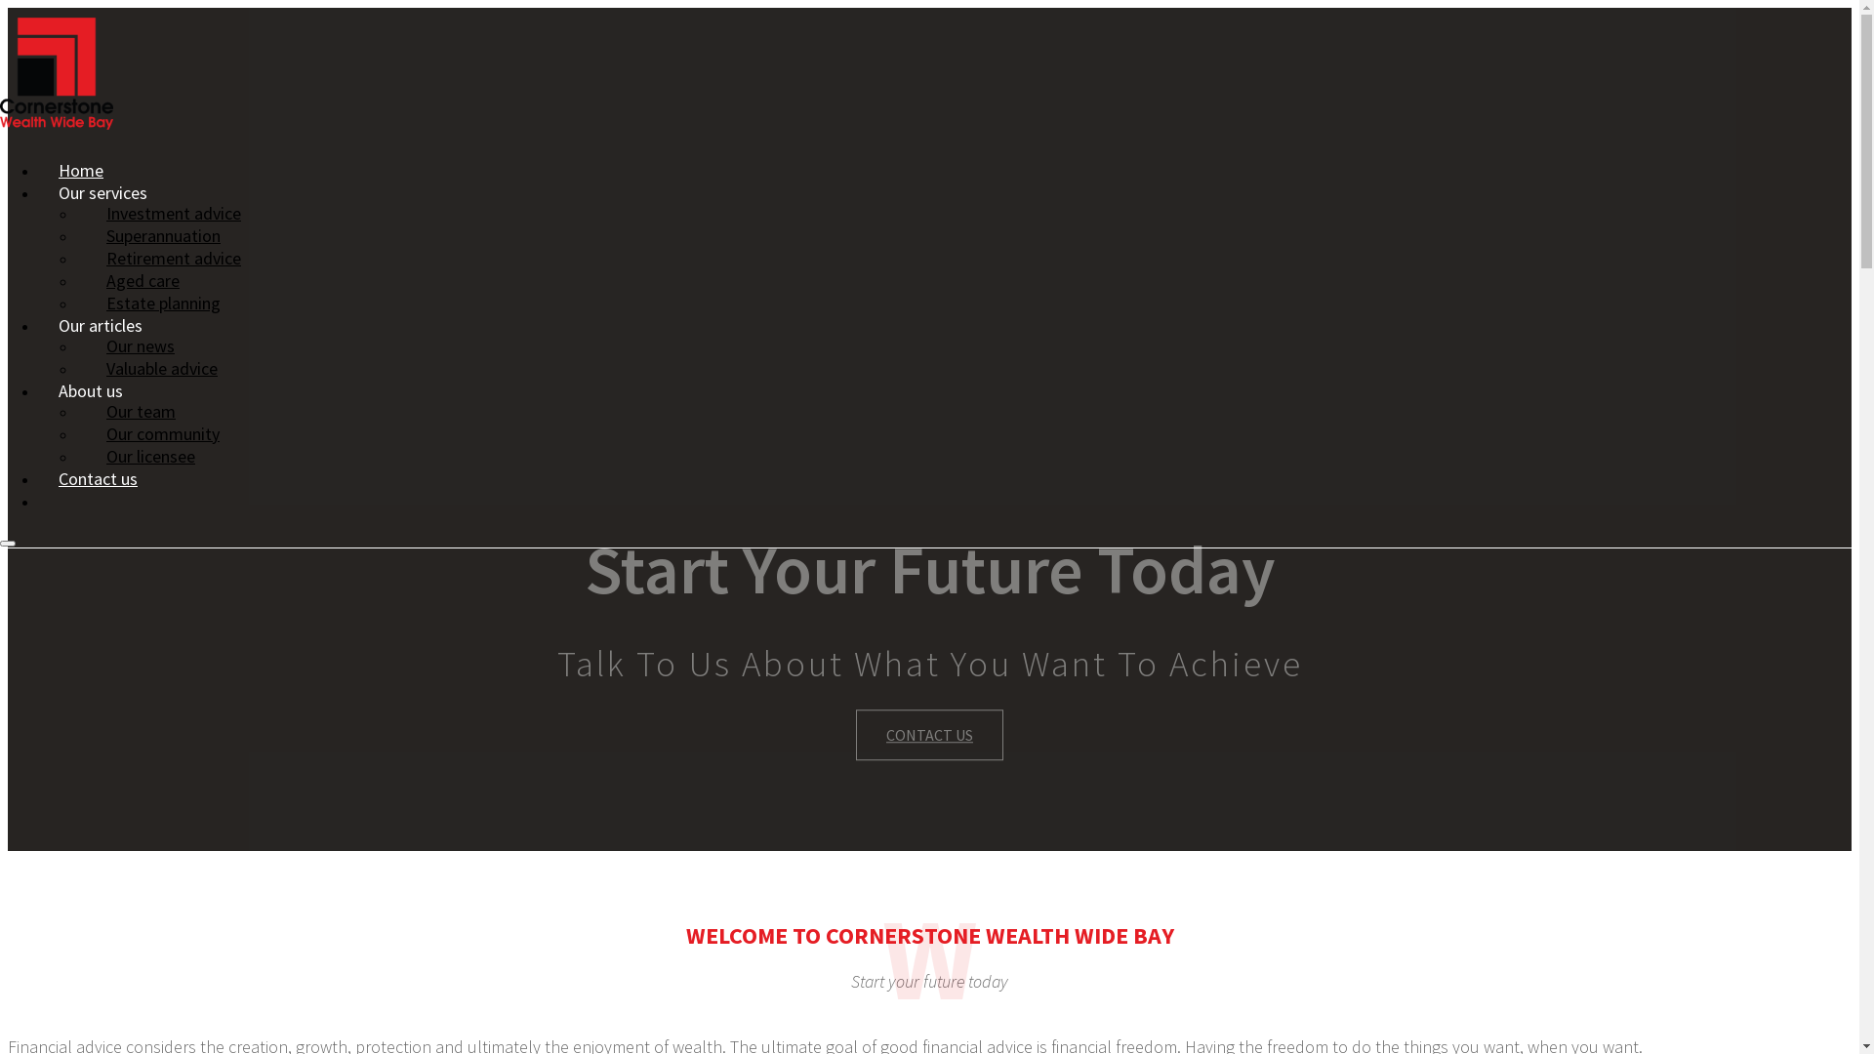 This screenshot has width=1874, height=1054. Describe the element at coordinates (140, 410) in the screenshot. I see `'Our team'` at that location.